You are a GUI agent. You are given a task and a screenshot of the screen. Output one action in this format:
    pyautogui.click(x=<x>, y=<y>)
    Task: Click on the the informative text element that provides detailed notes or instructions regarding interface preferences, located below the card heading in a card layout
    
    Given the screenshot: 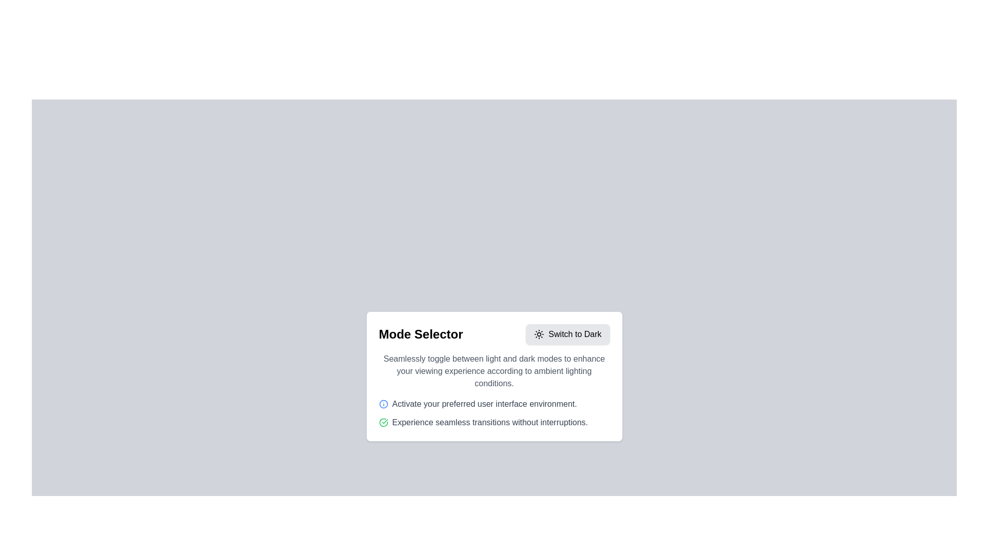 What is the action you would take?
    pyautogui.click(x=484, y=403)
    